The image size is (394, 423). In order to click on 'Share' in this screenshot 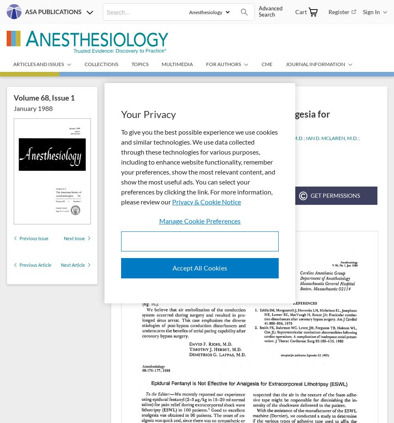, I will do `click(242, 195)`.